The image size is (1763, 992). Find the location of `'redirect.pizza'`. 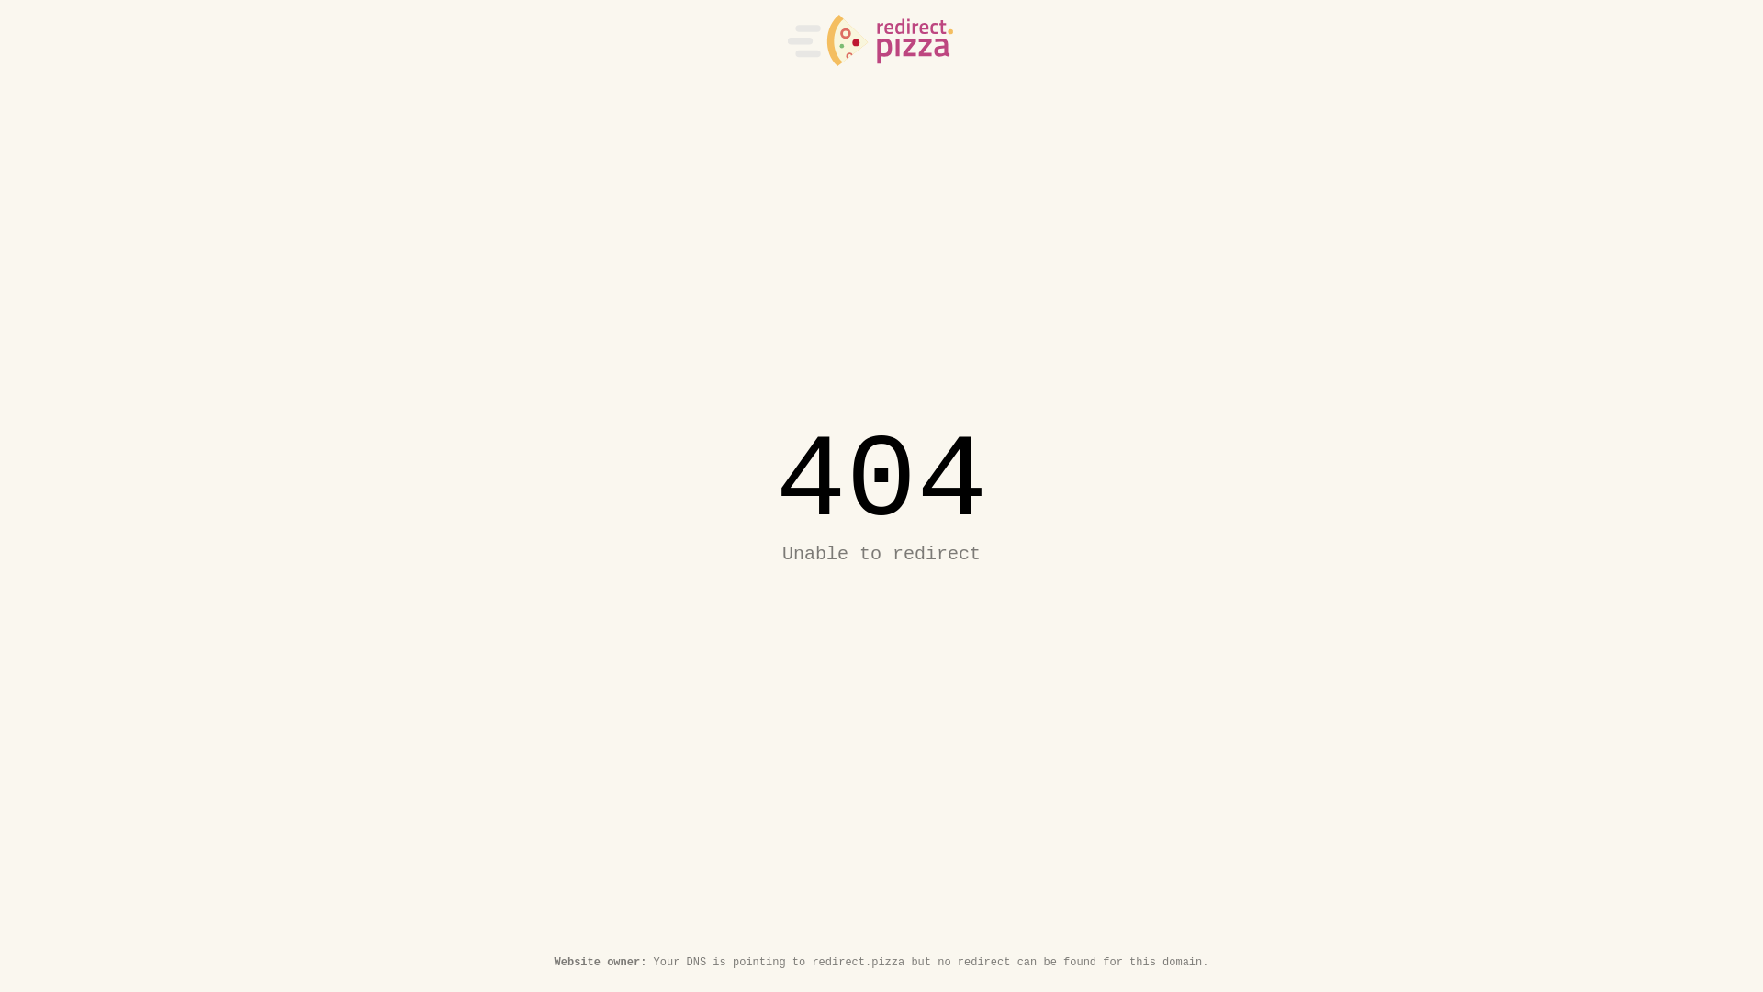

'redirect.pizza' is located at coordinates (870, 39).